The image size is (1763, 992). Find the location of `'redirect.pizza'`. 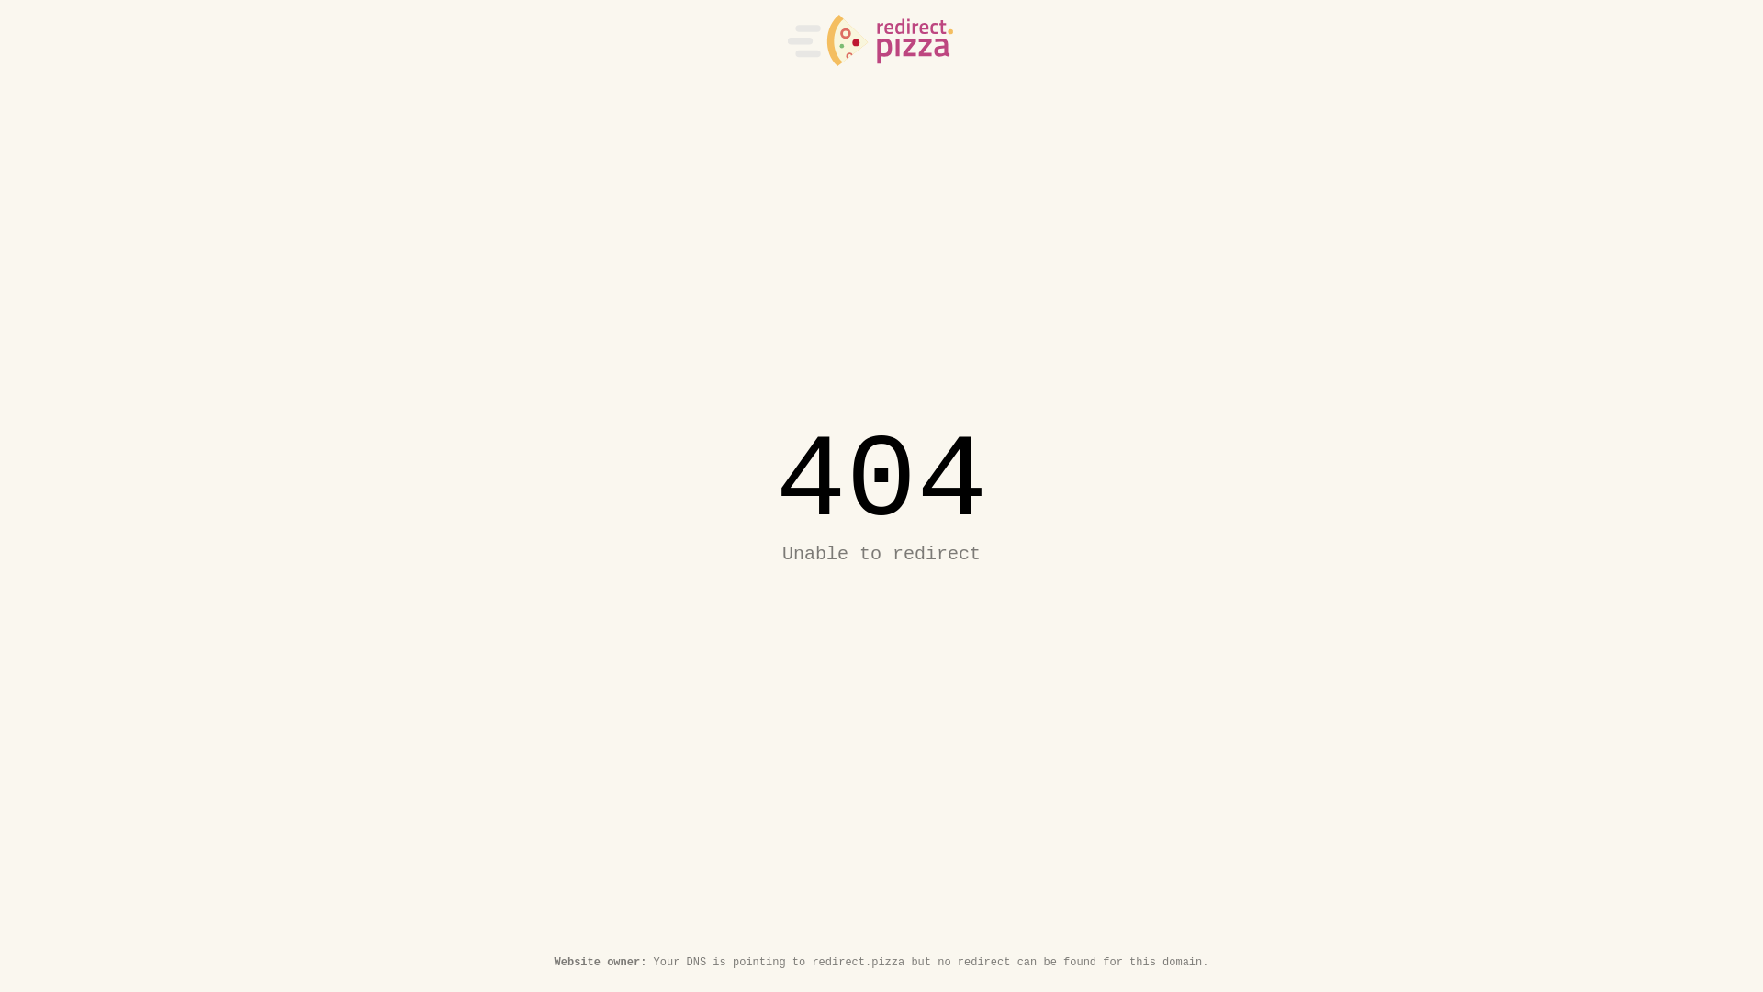

'redirect.pizza' is located at coordinates (870, 39).